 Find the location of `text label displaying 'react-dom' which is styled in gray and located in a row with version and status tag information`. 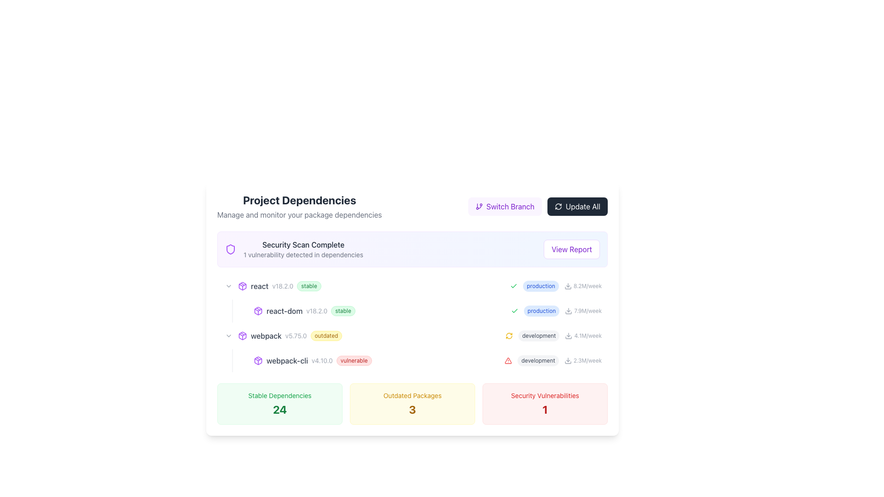

text label displaying 'react-dom' which is styled in gray and located in a row with version and status tag information is located at coordinates (284, 311).